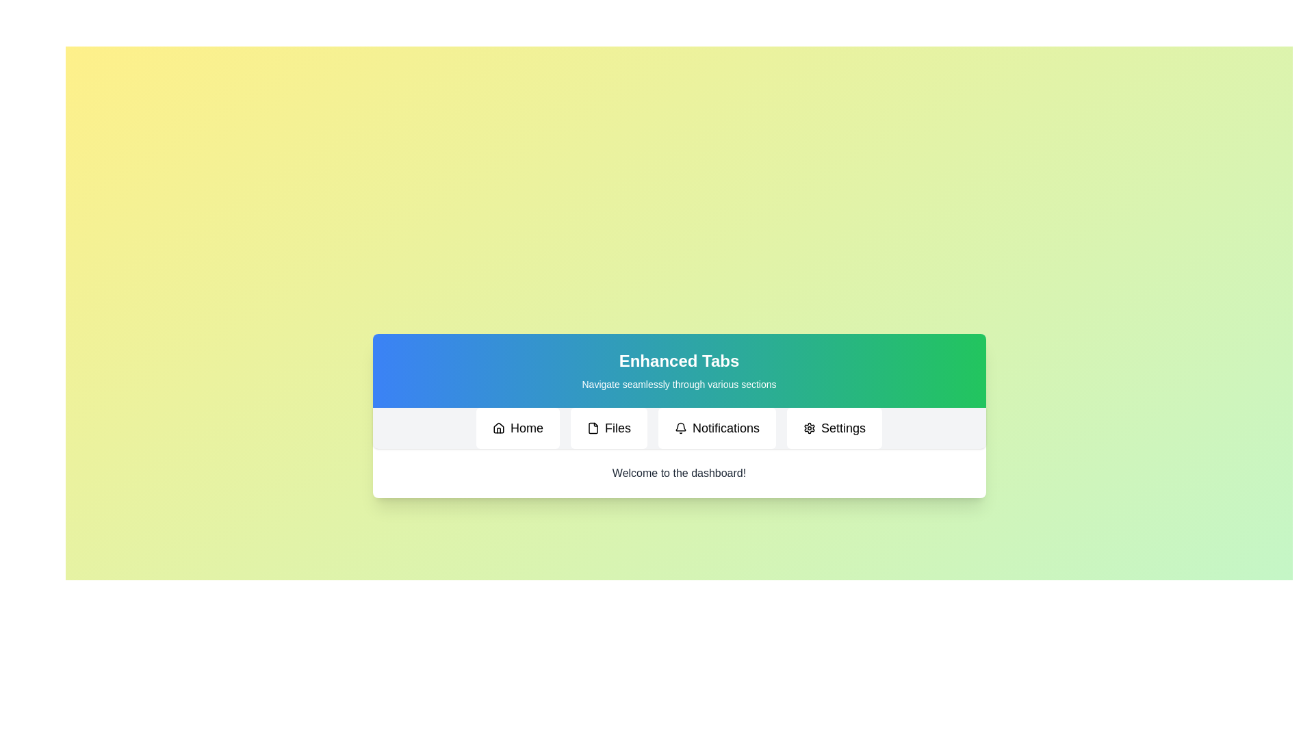  I want to click on the active 'Notifications' tab item, which is the third tab in the tab bar, so click(716, 427).